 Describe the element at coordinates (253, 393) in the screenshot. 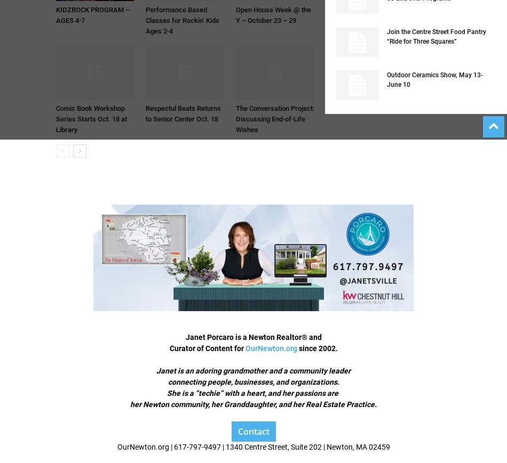

I see `'She is a “techie” with a heart, and her passions are'` at that location.